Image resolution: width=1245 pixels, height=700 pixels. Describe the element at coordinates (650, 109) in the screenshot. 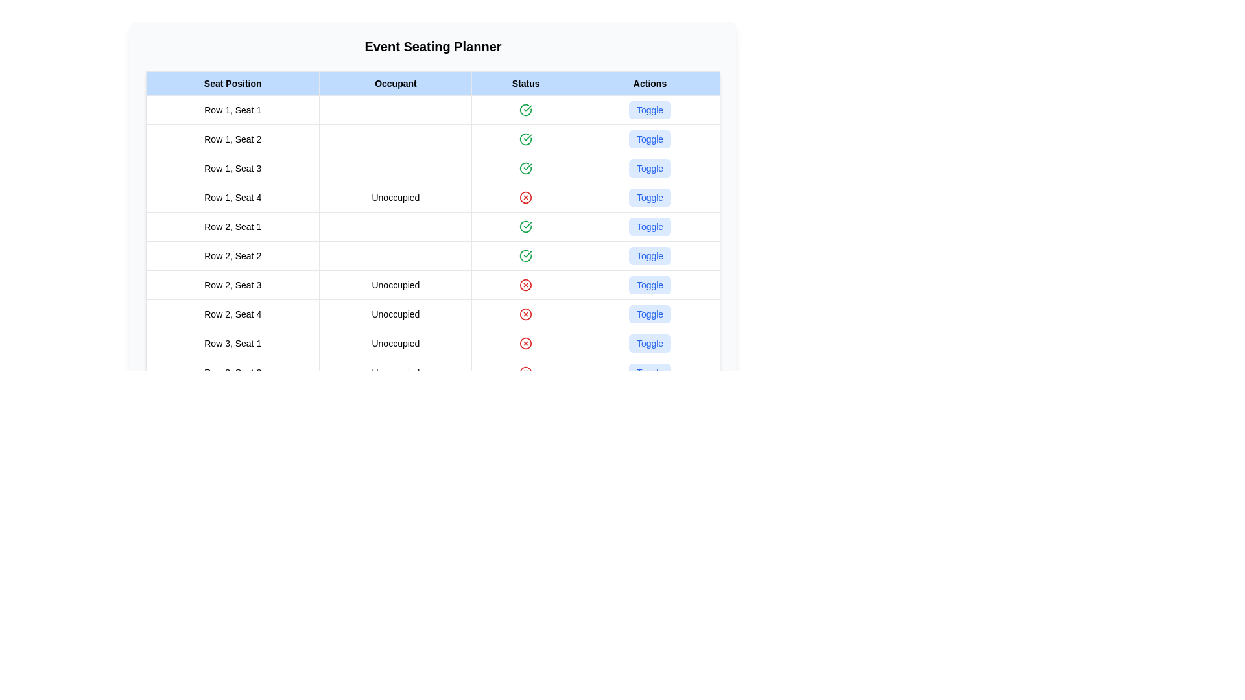

I see `the 'Toggle' button with blue text and a light blue background located in the rightmost column of the first row under the 'Actions' column in the 'Event Seating Planner' table` at that location.